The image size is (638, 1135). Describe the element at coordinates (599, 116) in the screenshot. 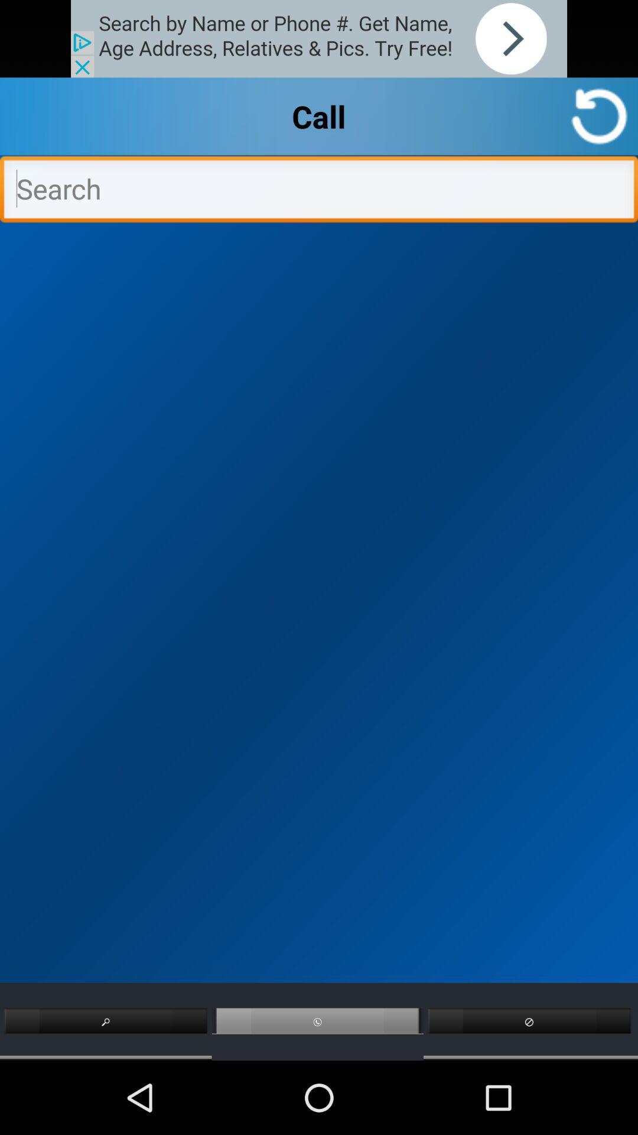

I see `reload button` at that location.